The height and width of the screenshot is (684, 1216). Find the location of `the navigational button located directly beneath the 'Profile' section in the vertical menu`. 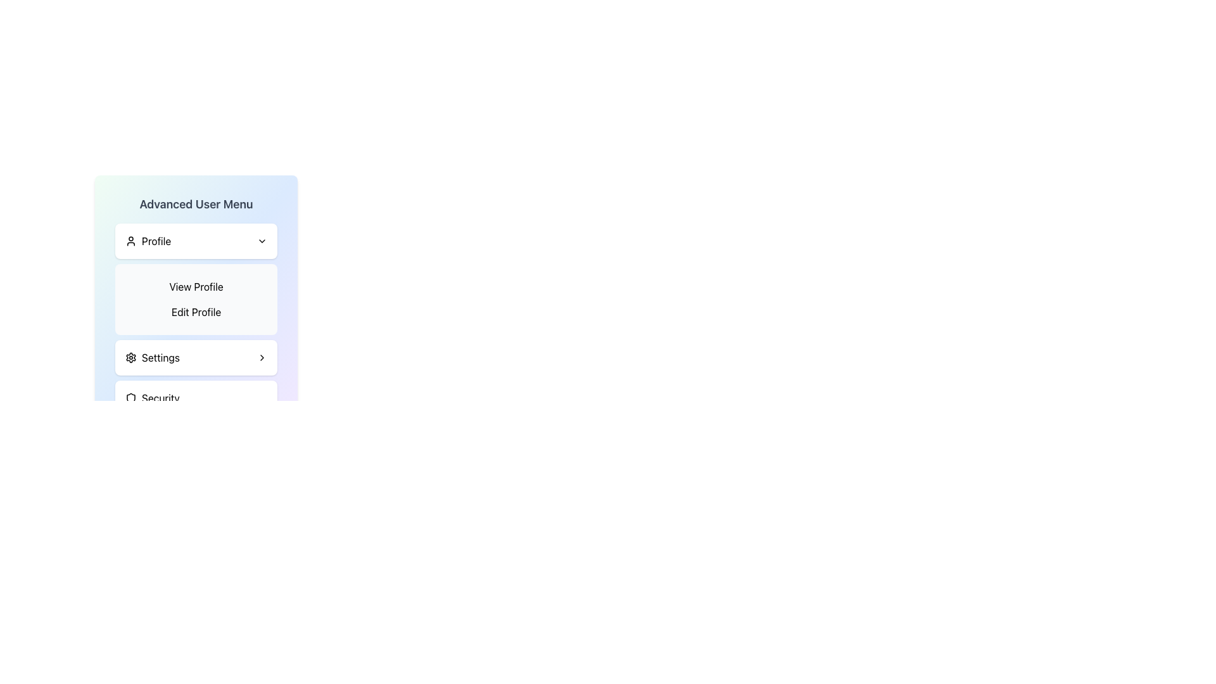

the navigational button located directly beneath the 'Profile' section in the vertical menu is located at coordinates (196, 286).